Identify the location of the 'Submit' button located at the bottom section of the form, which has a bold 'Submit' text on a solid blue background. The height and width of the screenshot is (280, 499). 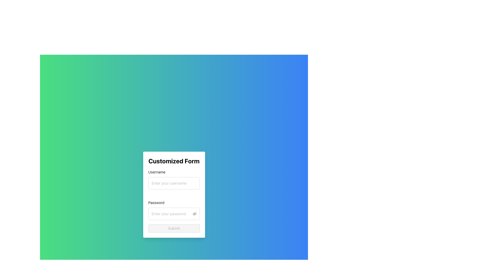
(174, 228).